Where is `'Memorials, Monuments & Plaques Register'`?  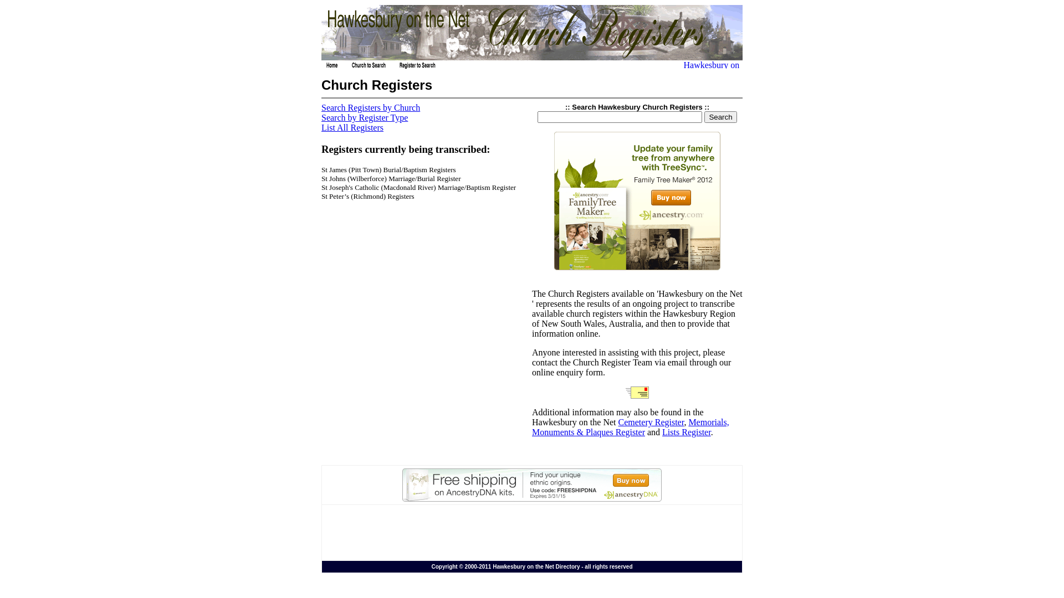 'Memorials, Monuments & Plaques Register' is located at coordinates (630, 426).